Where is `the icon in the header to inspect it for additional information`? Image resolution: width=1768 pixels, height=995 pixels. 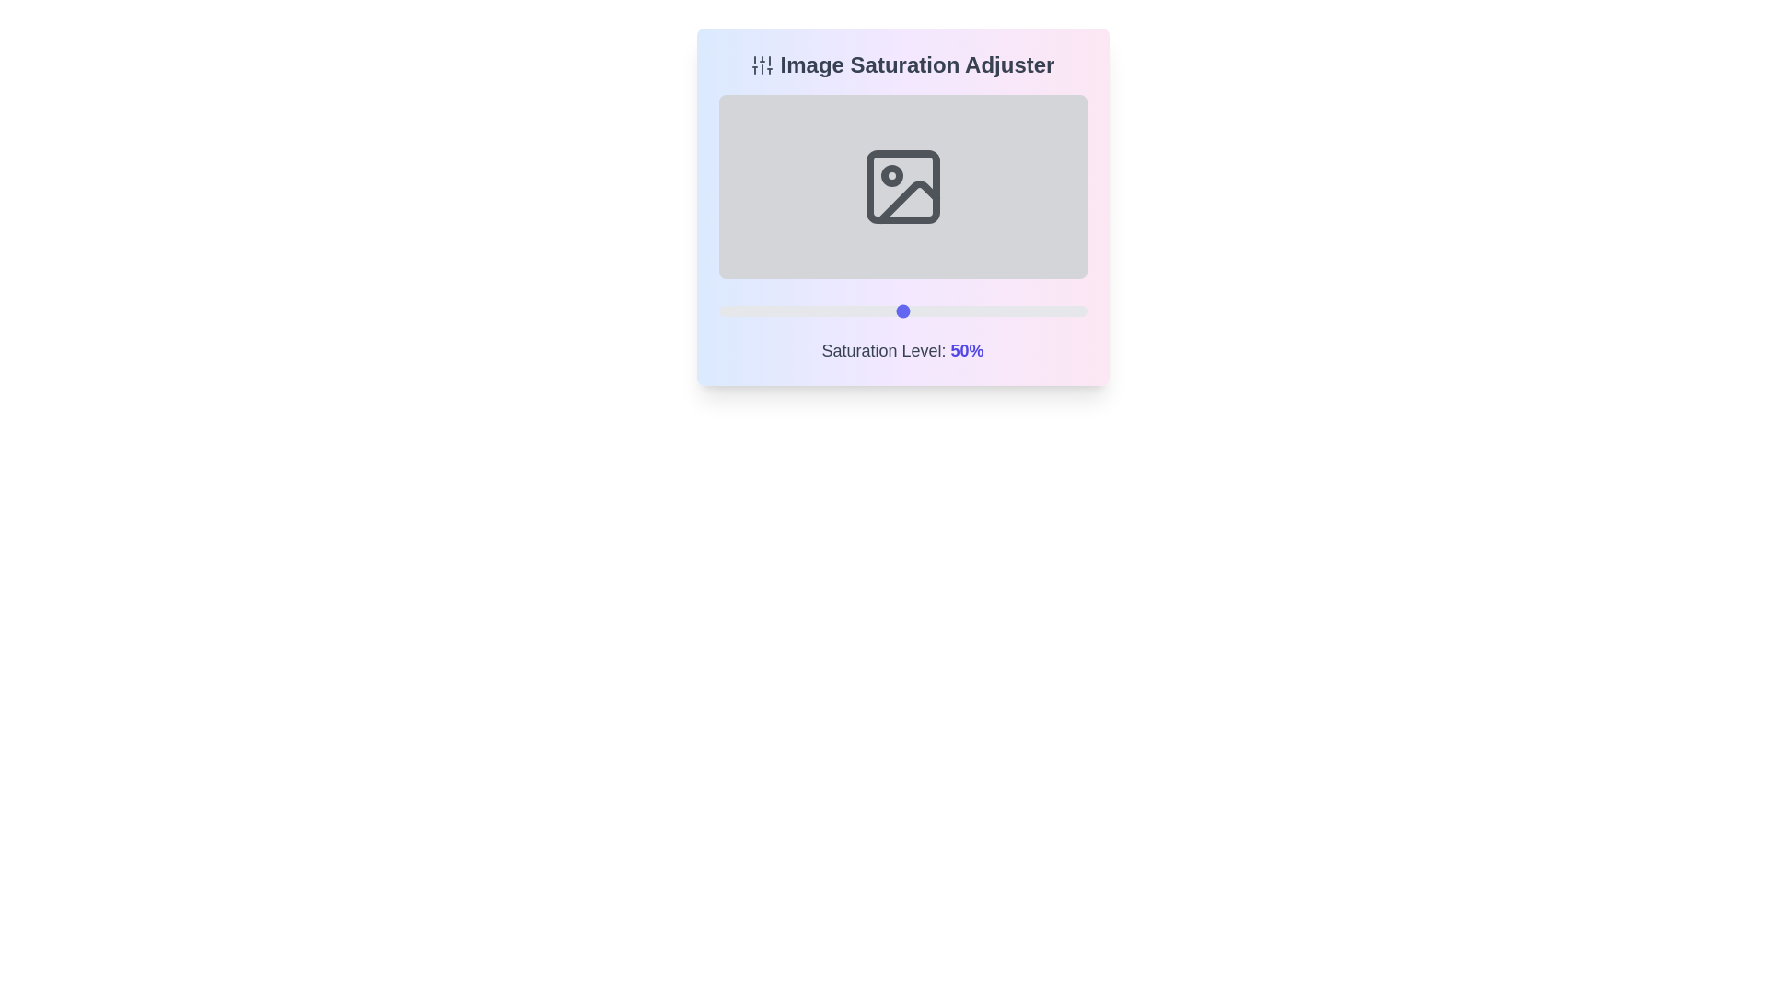 the icon in the header to inspect it for additional information is located at coordinates (762, 64).